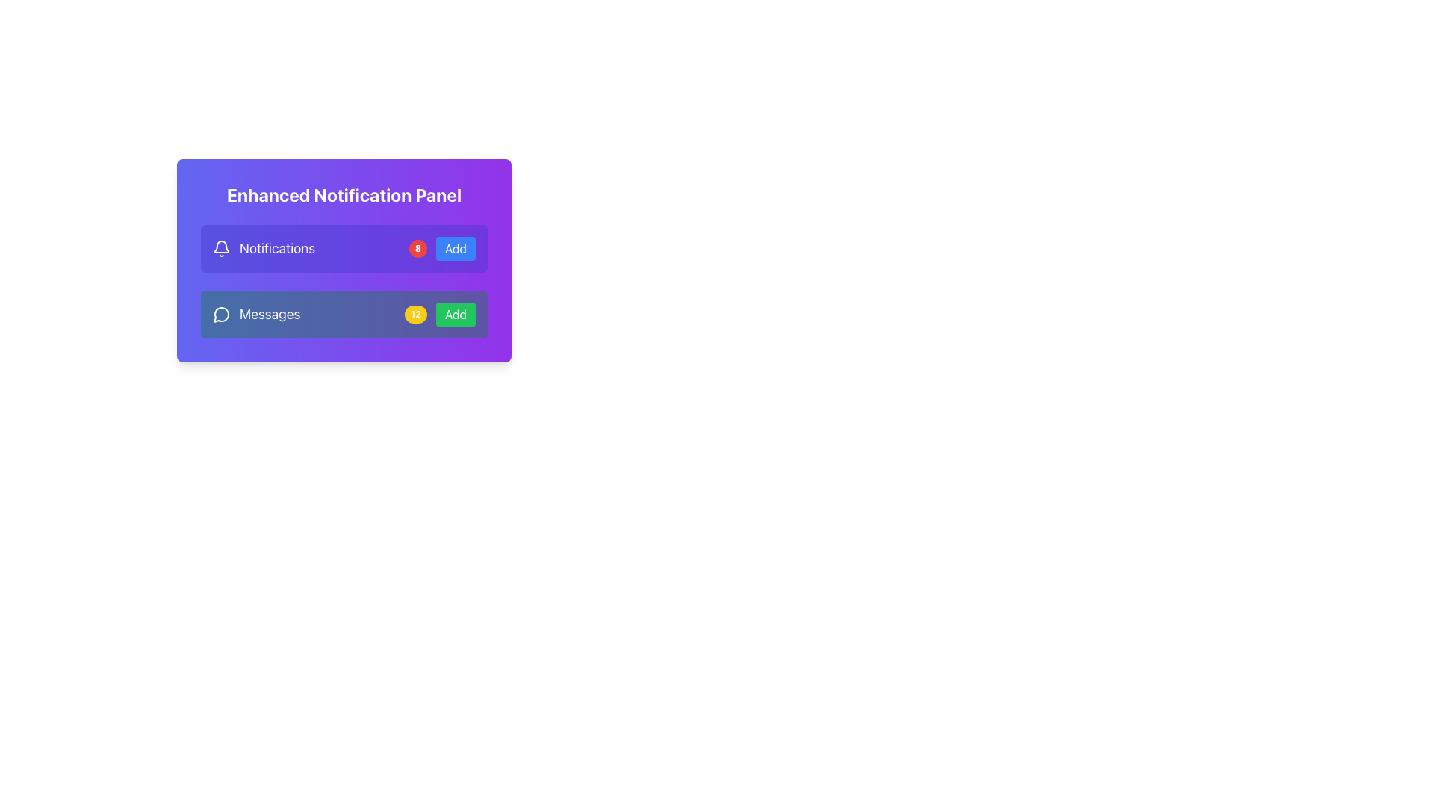 This screenshot has width=1434, height=807. Describe the element at coordinates (264, 247) in the screenshot. I see `the notifications label located on the left side of the notification panel` at that location.